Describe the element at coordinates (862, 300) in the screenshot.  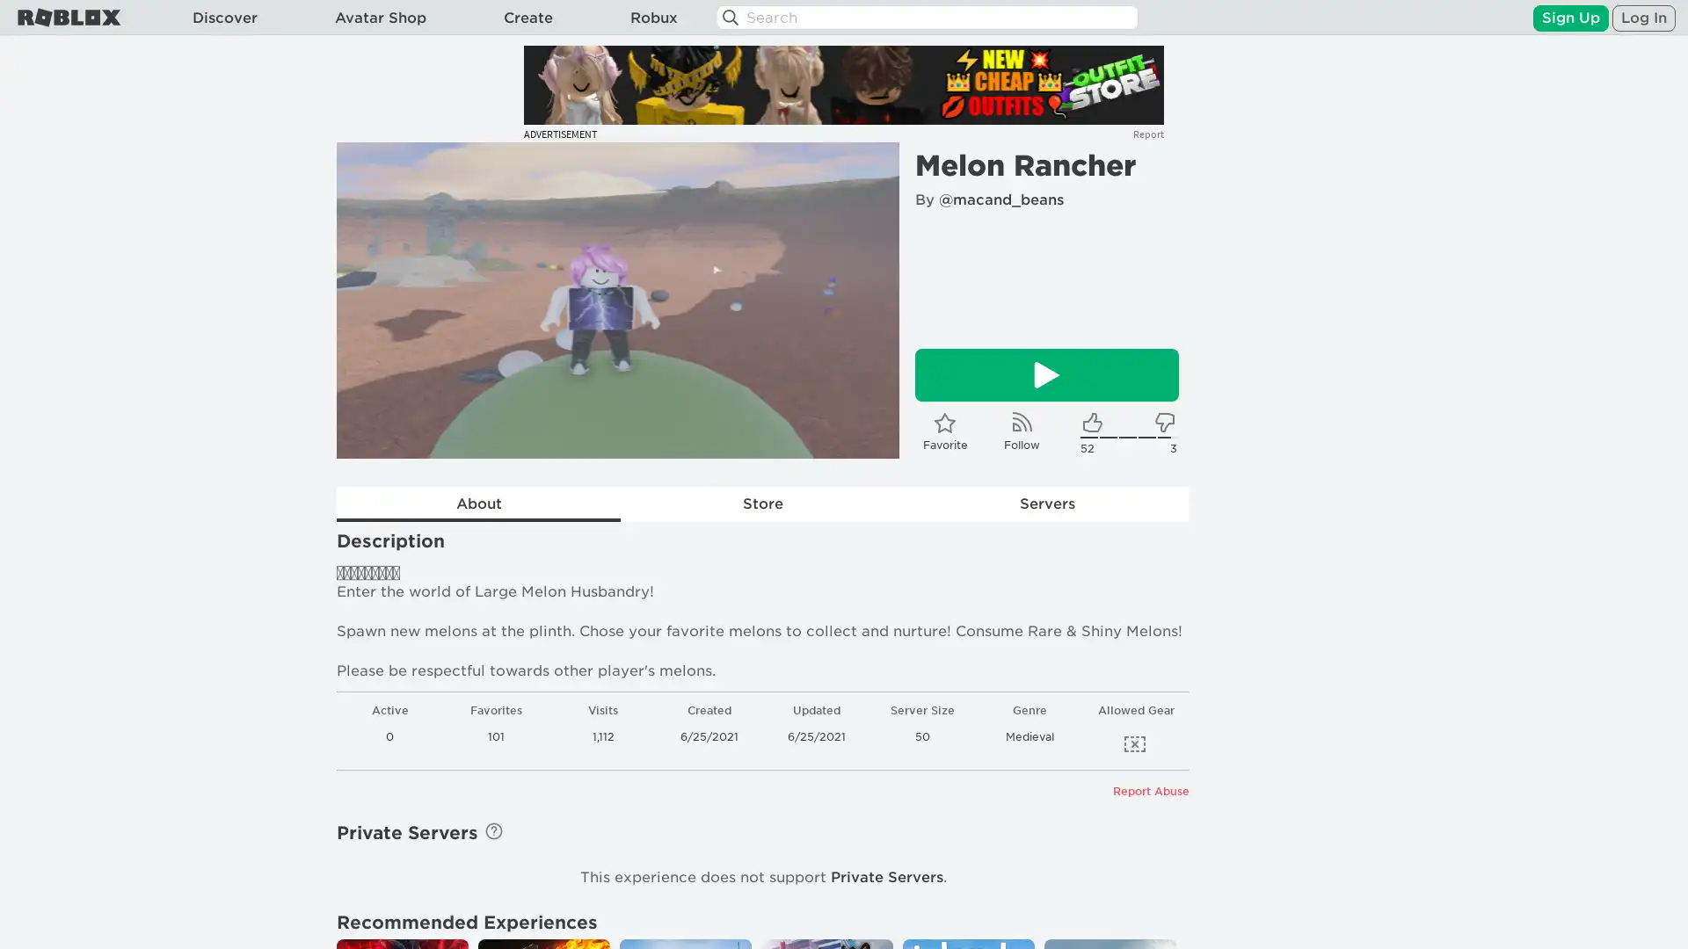
I see `Next` at that location.